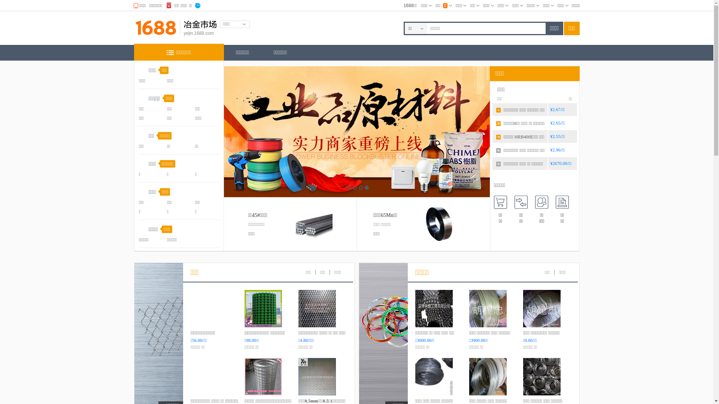 The height and width of the screenshot is (404, 719). Describe the element at coordinates (198, 33) in the screenshot. I see `'yejin.1688.com'` at that location.